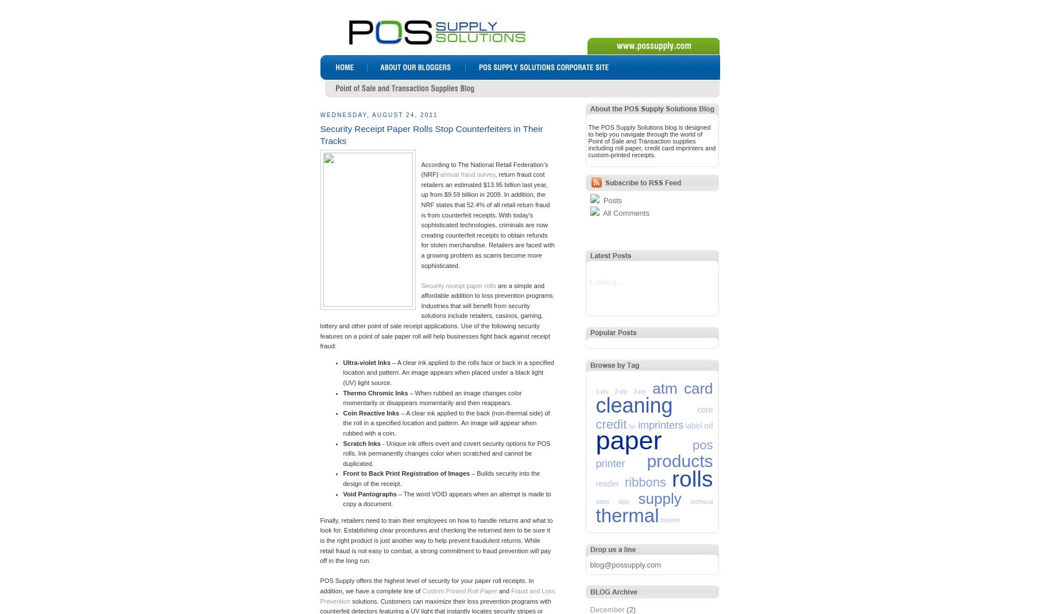 The width and height of the screenshot is (1040, 614). I want to click on 'od', so click(703, 424).